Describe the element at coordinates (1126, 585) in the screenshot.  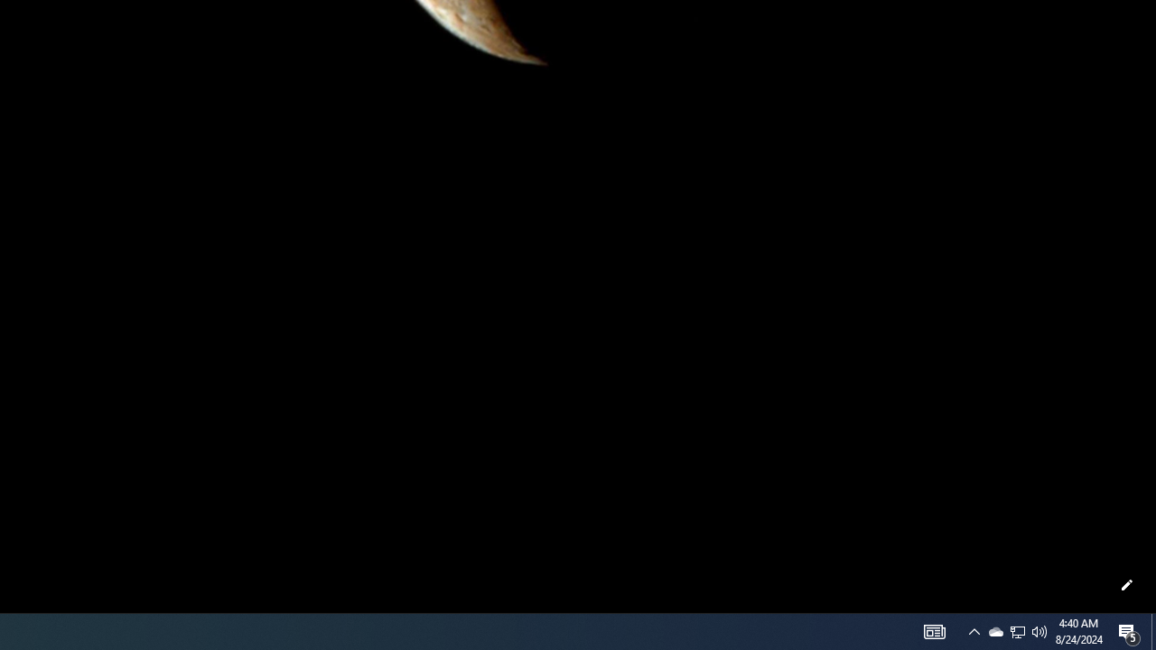
I see `'Customize this page'` at that location.